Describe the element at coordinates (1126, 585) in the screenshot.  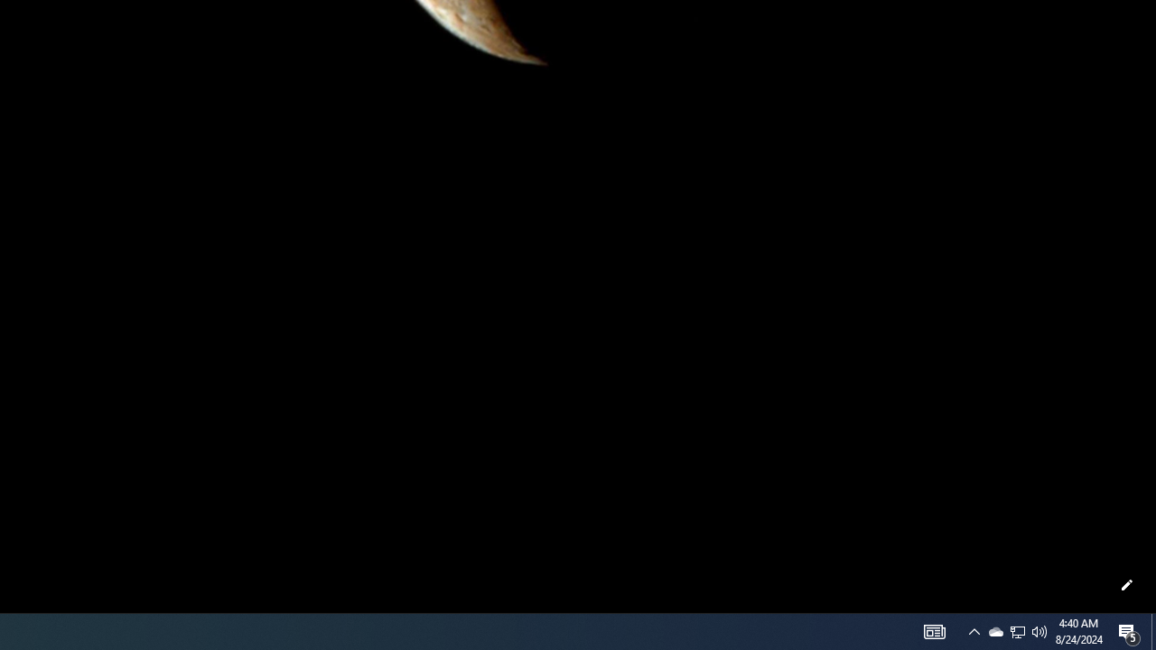
I see `'Customize this page'` at that location.